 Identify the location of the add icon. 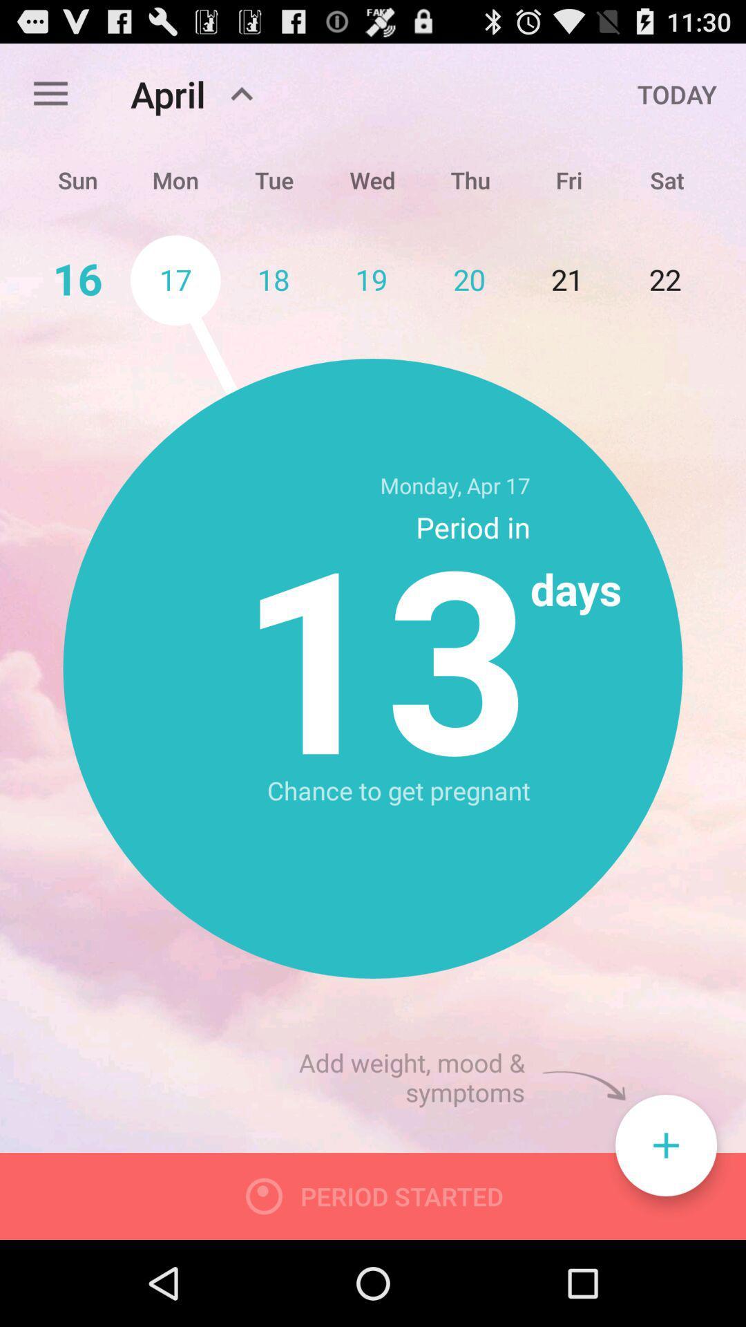
(665, 1225).